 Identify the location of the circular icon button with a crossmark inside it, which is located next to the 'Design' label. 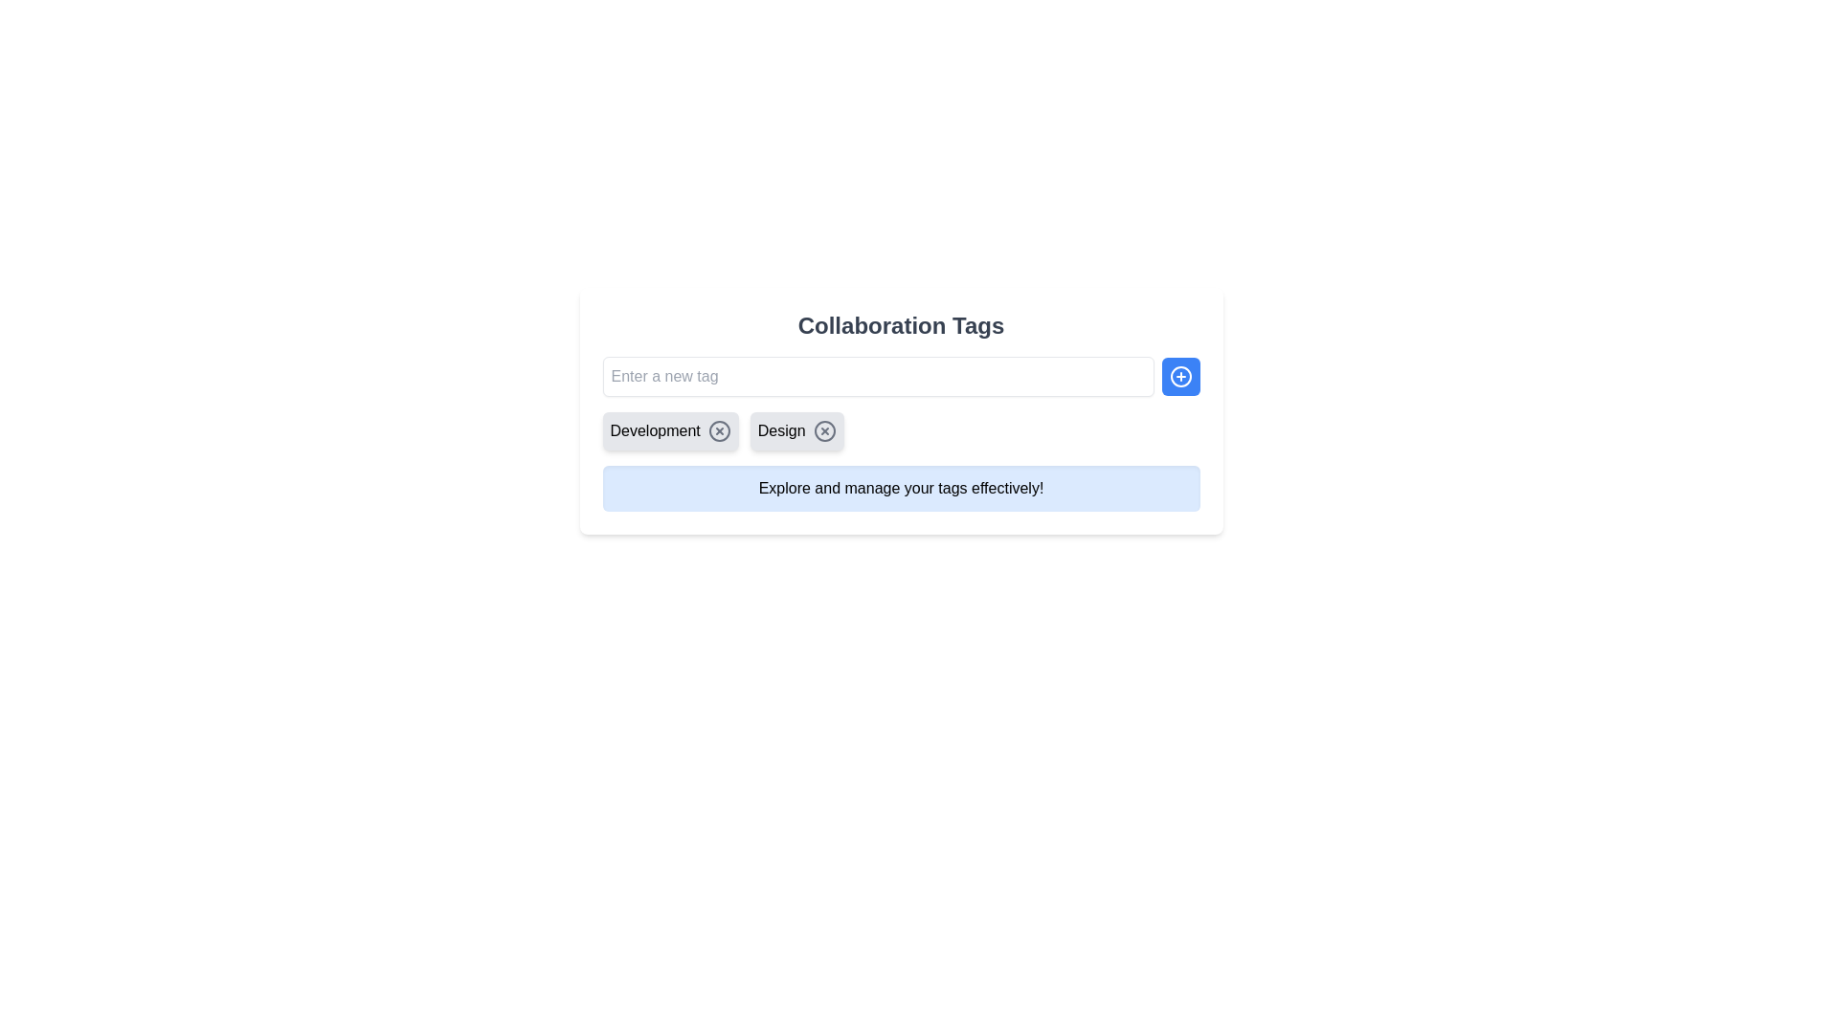
(824, 431).